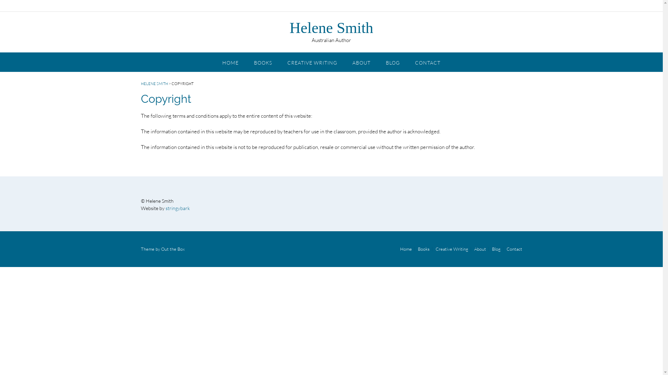  What do you see at coordinates (495, 249) in the screenshot?
I see `'Blog'` at bounding box center [495, 249].